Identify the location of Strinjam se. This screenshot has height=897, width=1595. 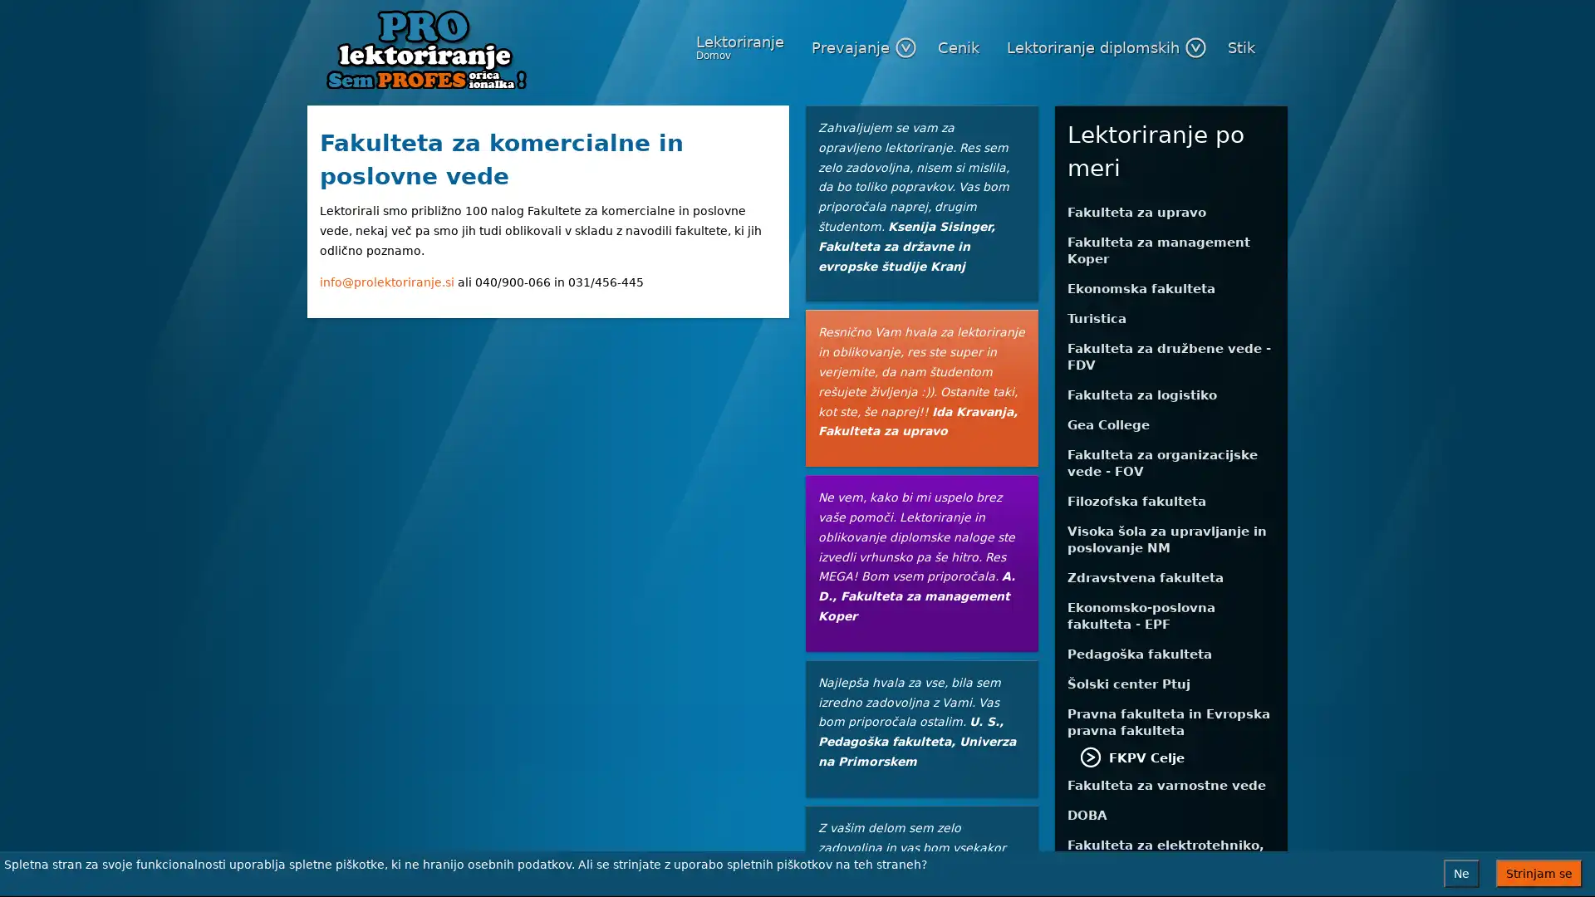
(1538, 873).